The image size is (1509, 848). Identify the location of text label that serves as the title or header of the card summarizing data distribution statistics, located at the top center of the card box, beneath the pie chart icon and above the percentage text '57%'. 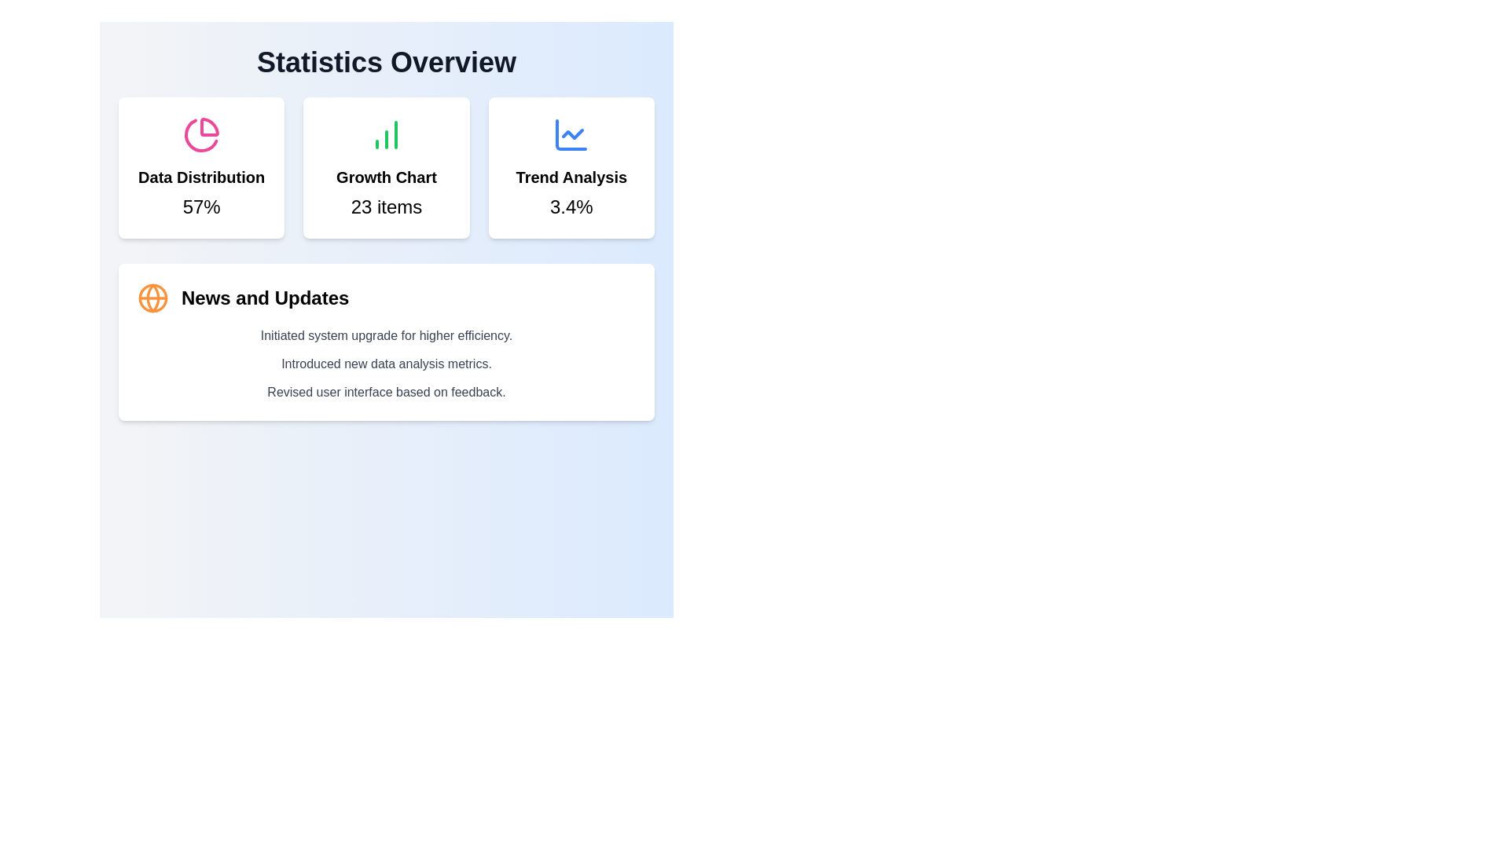
(200, 177).